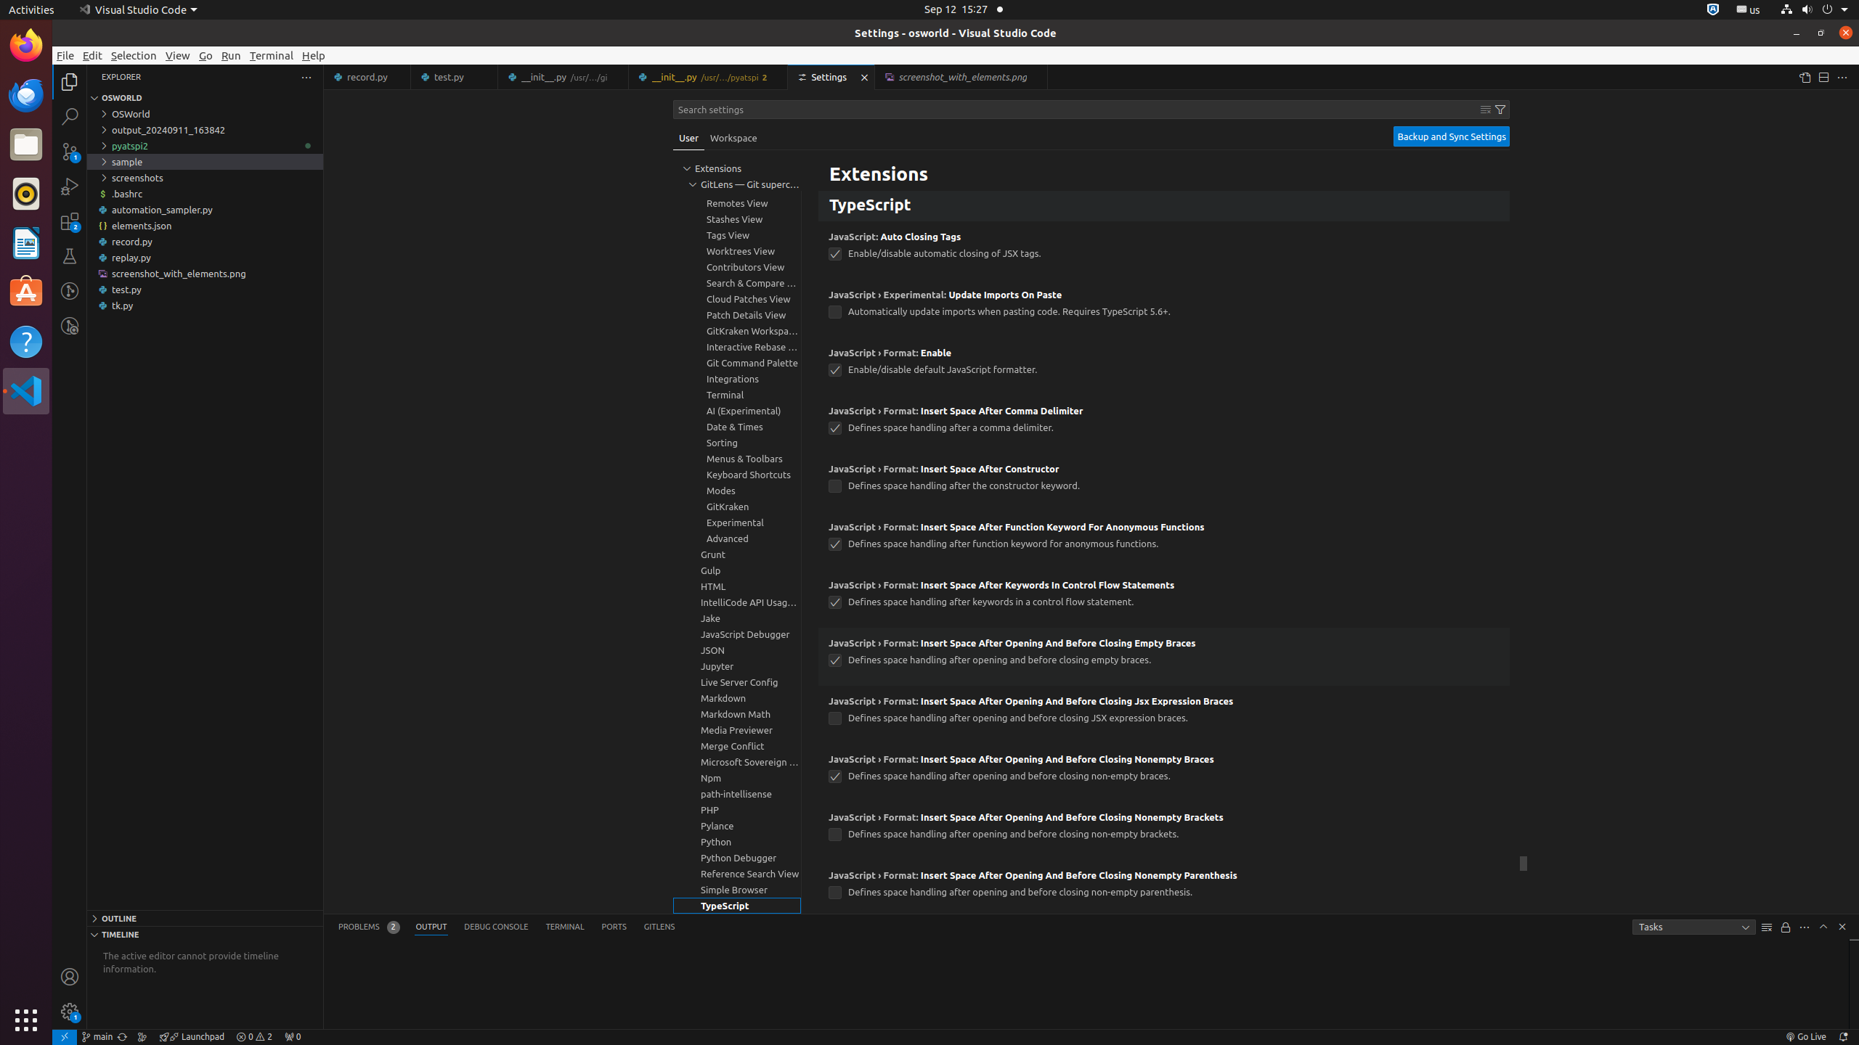  What do you see at coordinates (707, 77) in the screenshot?
I see `'__init__.py'` at bounding box center [707, 77].